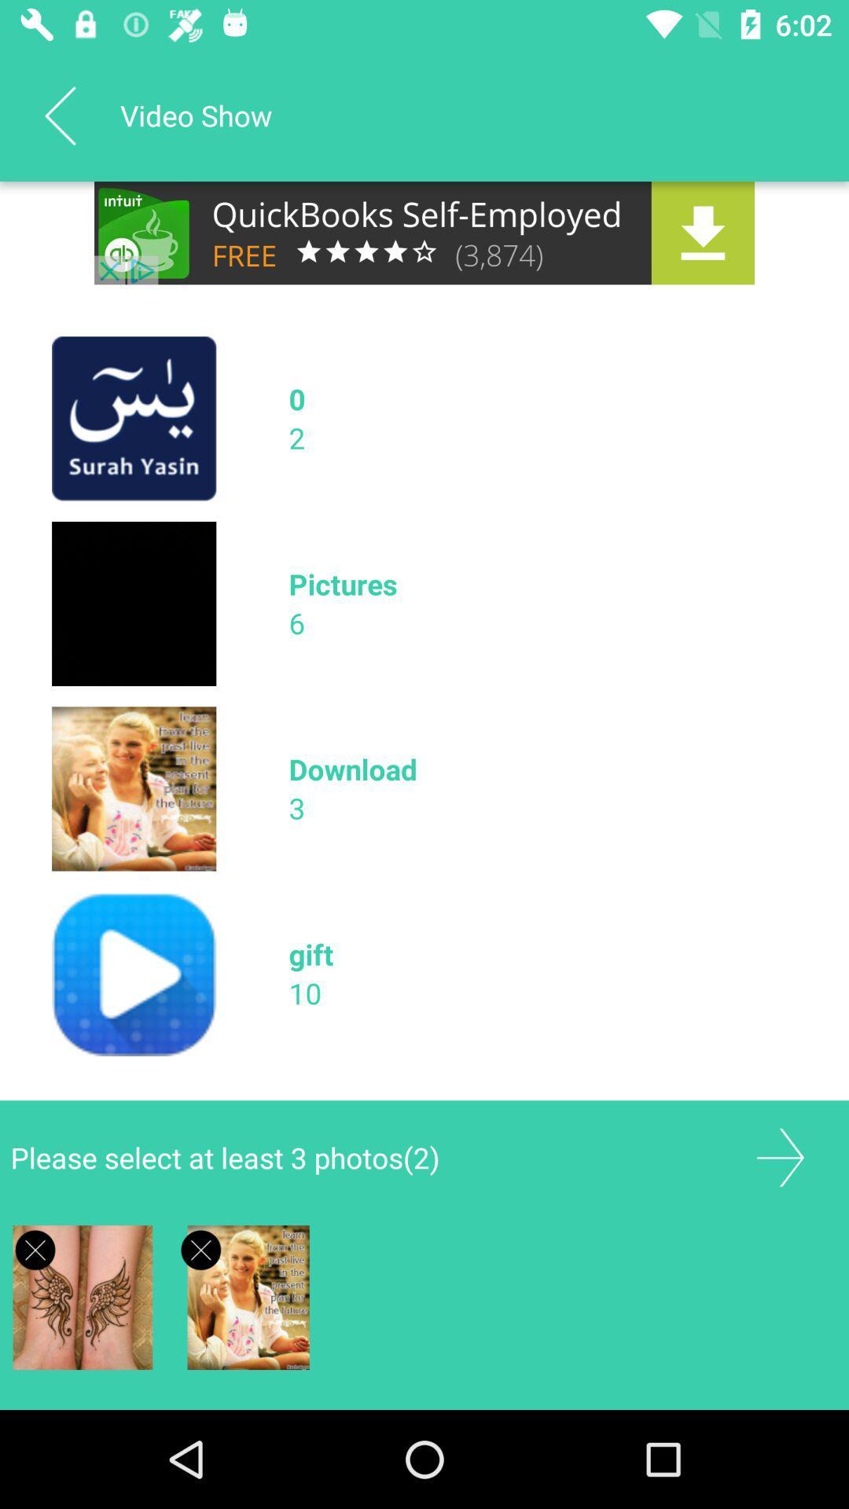  What do you see at coordinates (780, 1158) in the screenshot?
I see `forward` at bounding box center [780, 1158].